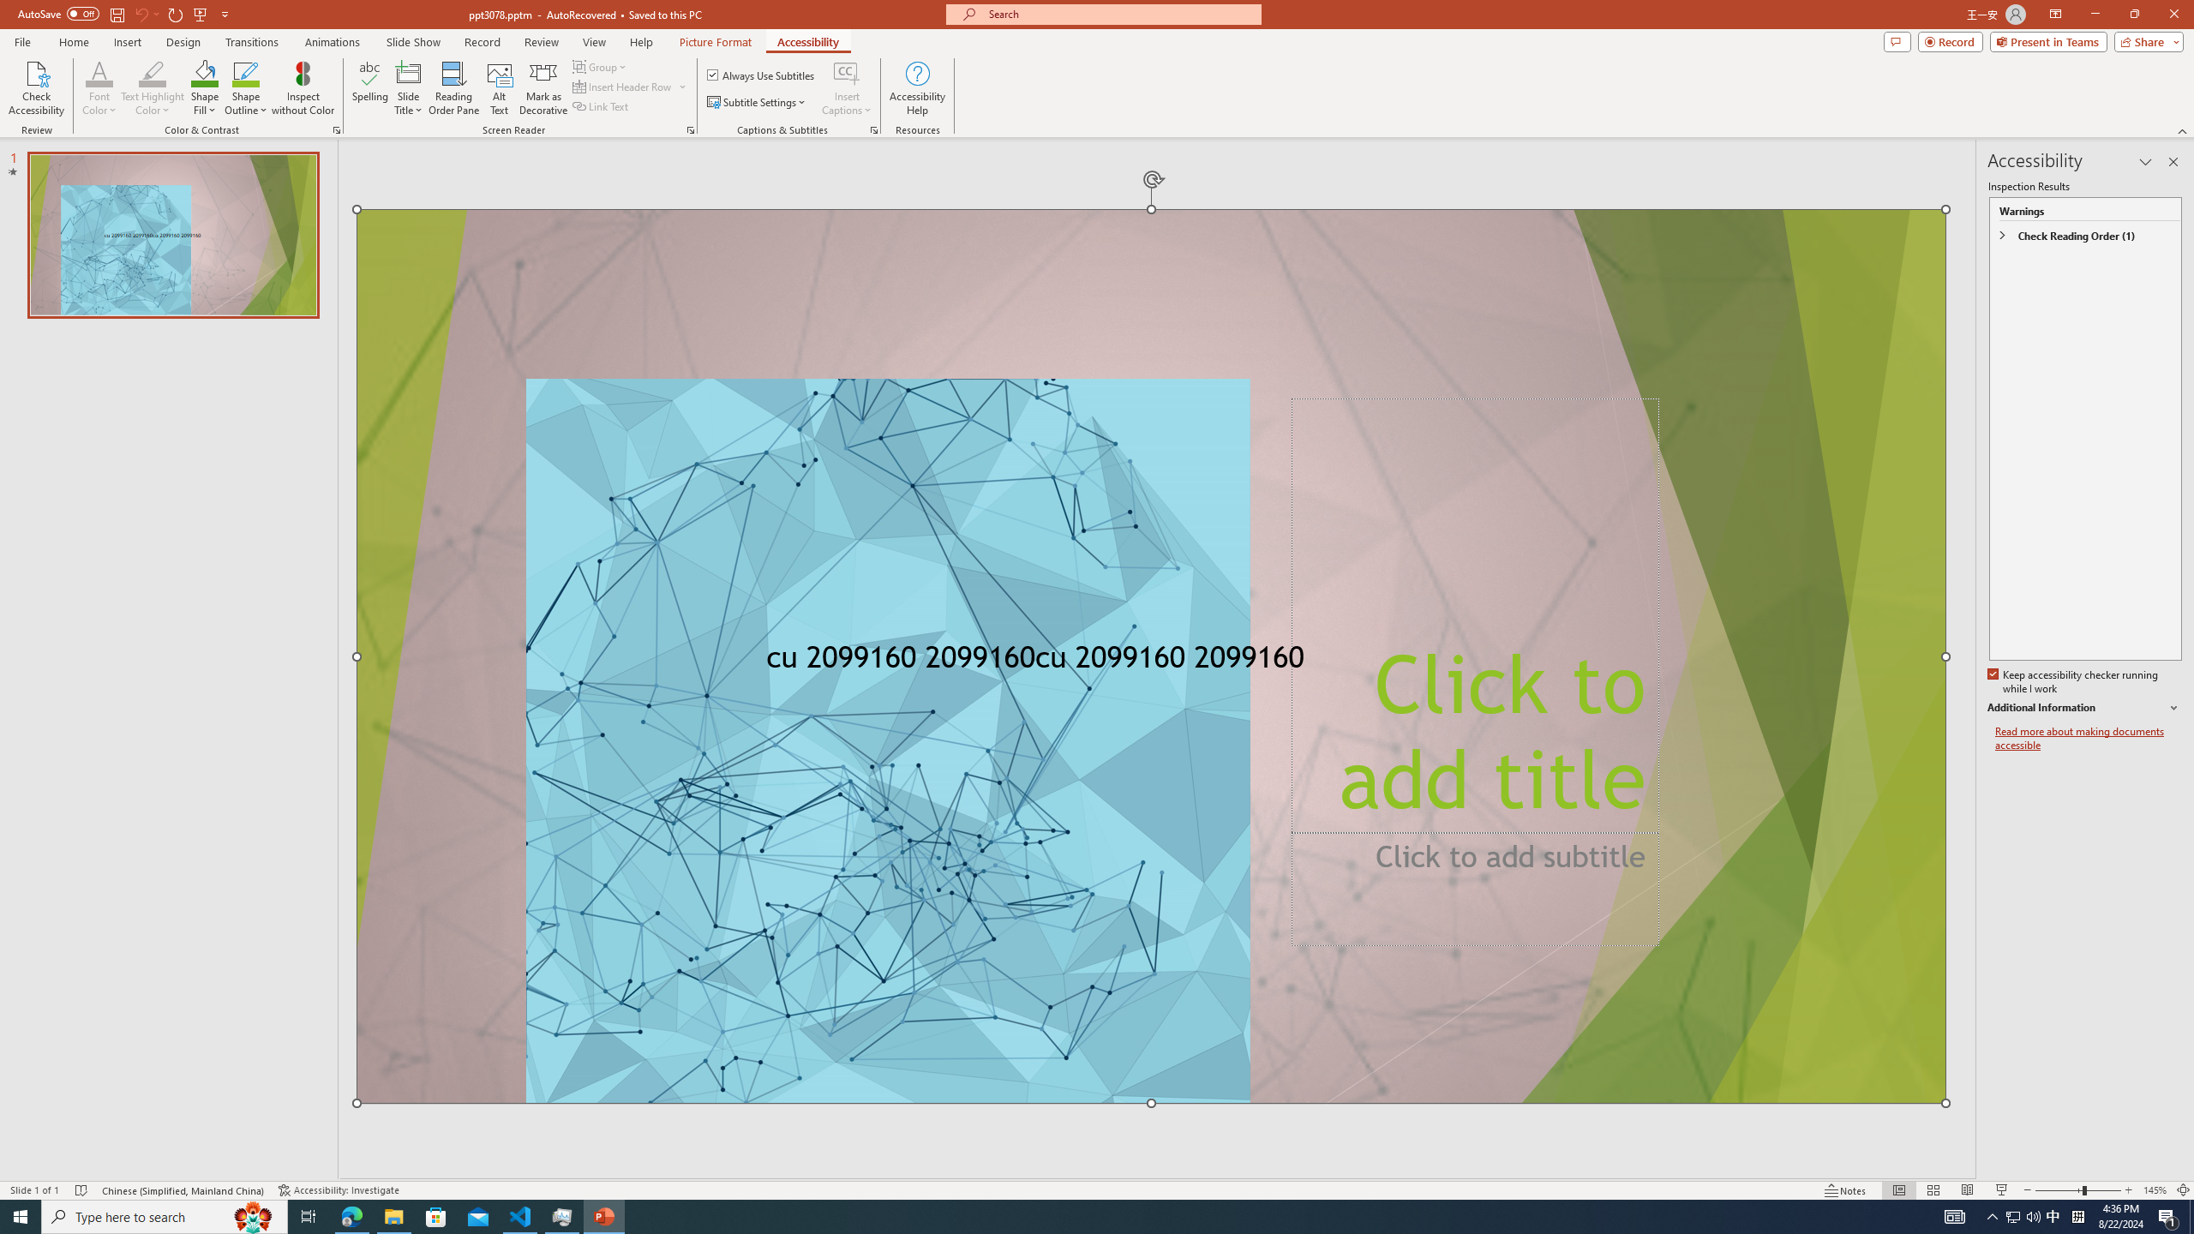 This screenshot has width=2194, height=1234. What do you see at coordinates (691, 129) in the screenshot?
I see `'Screen Reader'` at bounding box center [691, 129].